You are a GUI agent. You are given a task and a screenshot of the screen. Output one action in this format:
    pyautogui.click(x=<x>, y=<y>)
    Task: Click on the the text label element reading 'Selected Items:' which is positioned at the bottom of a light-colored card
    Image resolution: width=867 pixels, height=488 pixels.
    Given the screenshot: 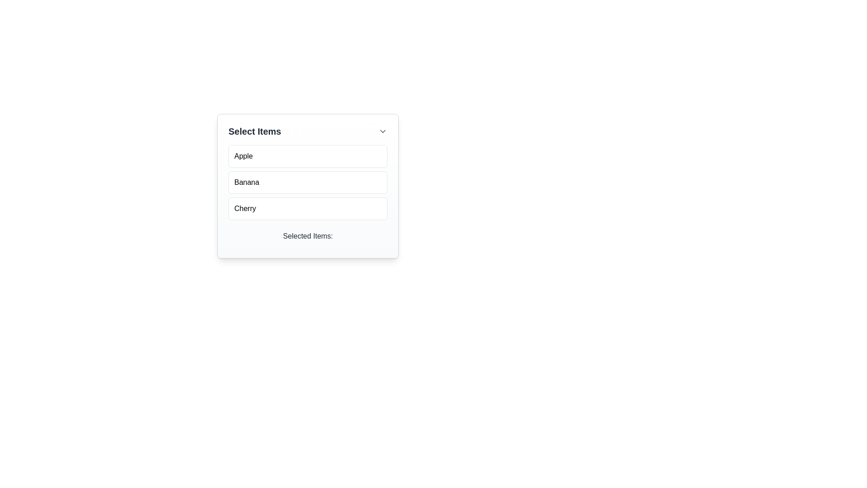 What is the action you would take?
    pyautogui.click(x=308, y=236)
    